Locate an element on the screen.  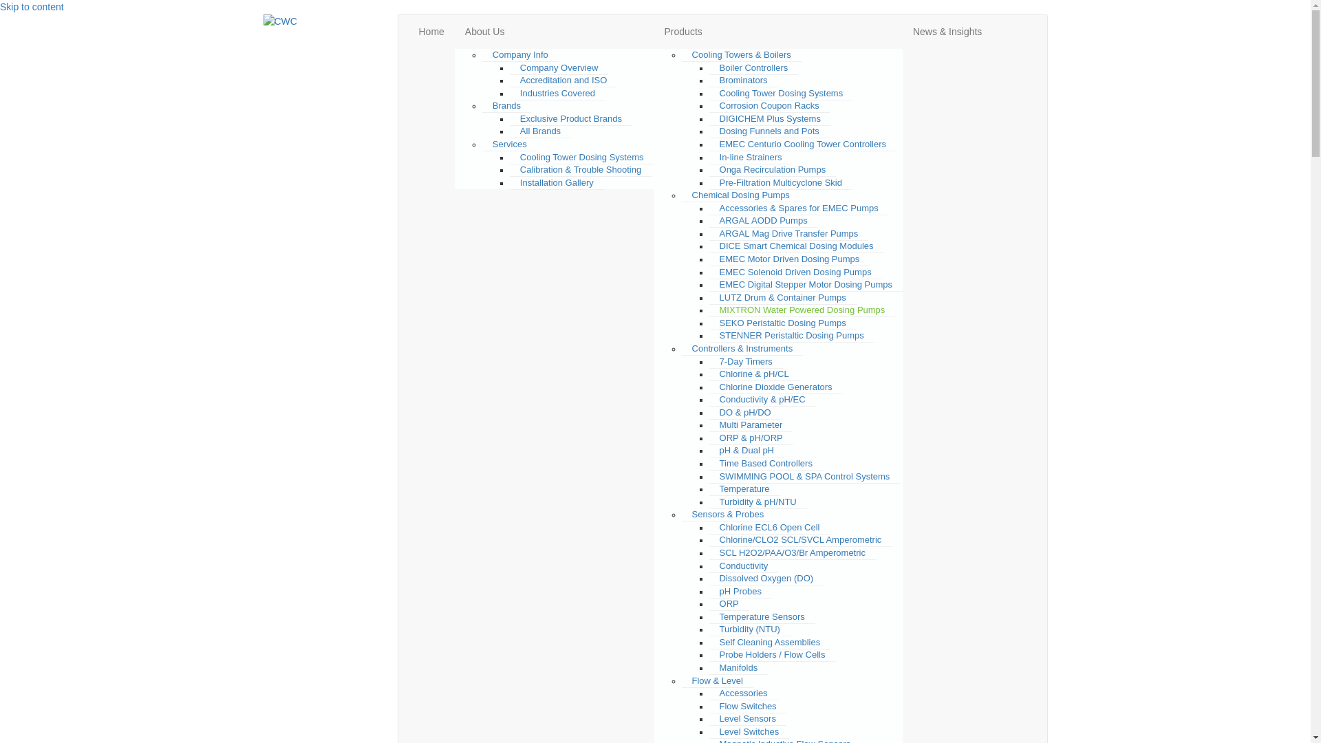
'Brands' is located at coordinates (482, 105).